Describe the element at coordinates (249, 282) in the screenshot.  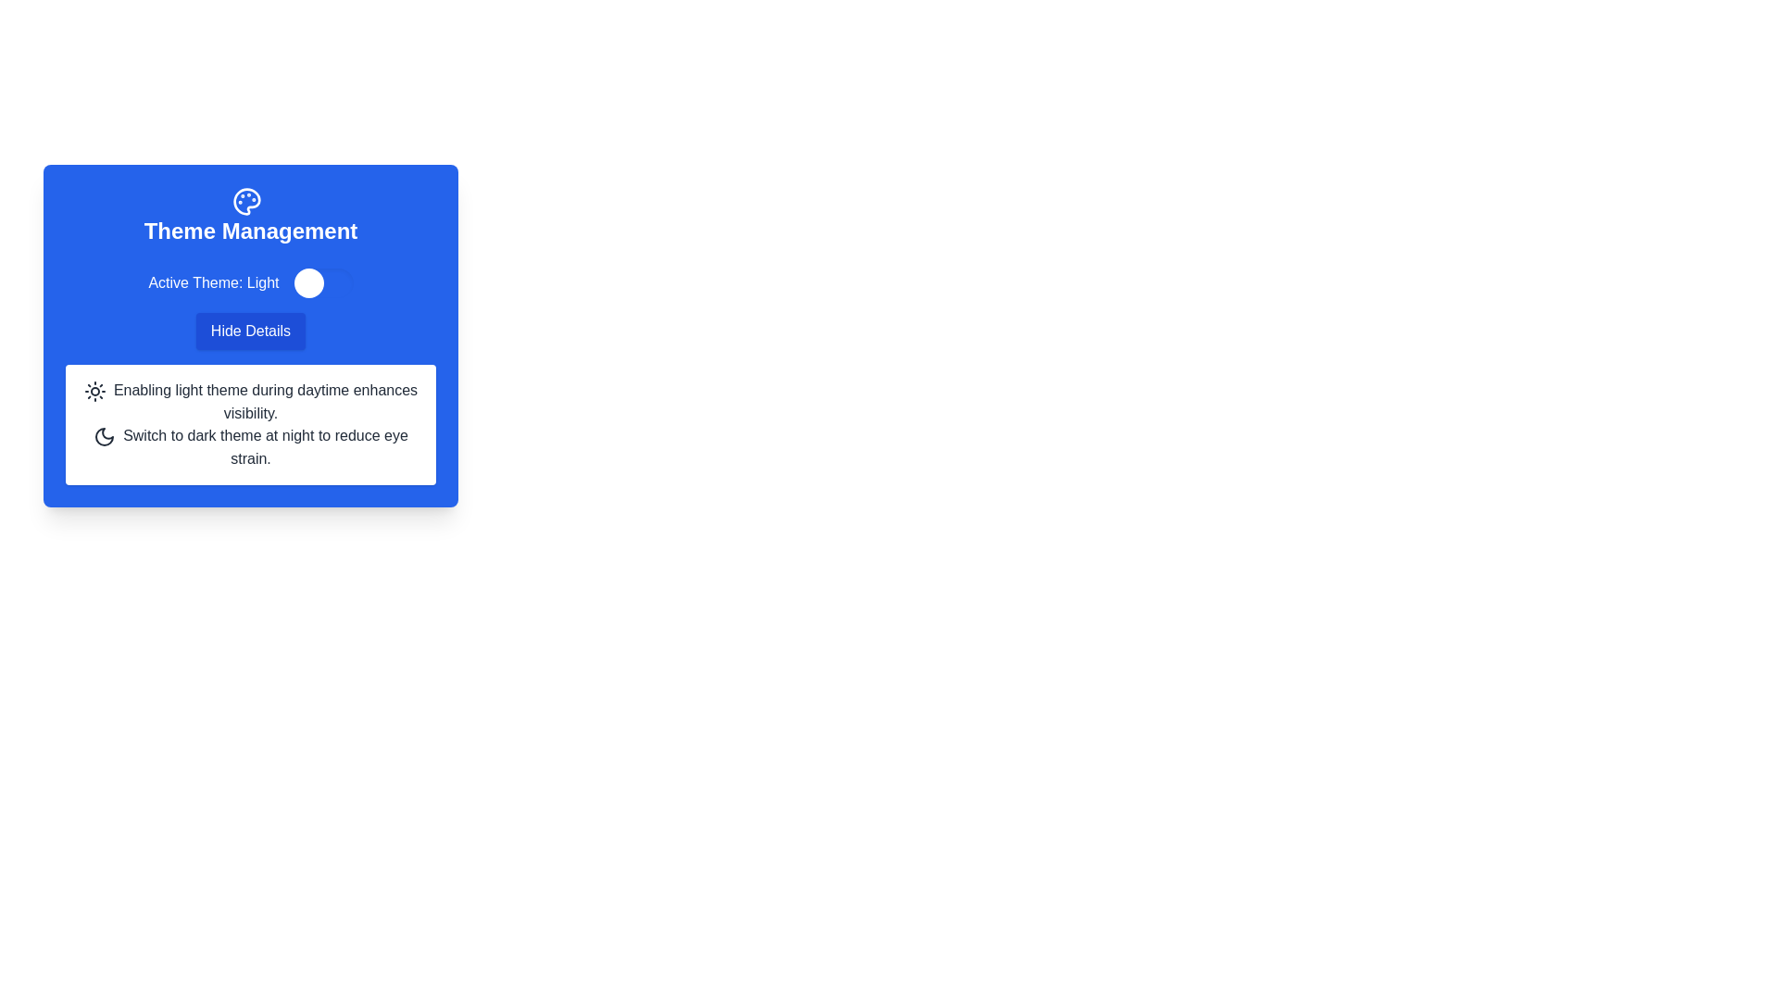
I see `the toggle switch indicating 'Active Theme: Light'` at that location.